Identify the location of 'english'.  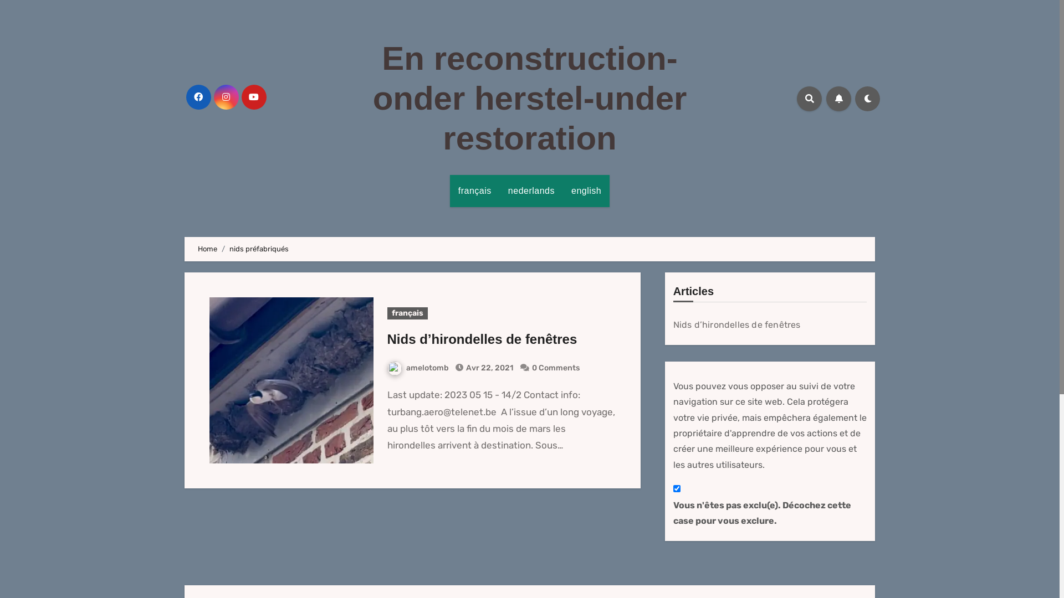
(563, 190).